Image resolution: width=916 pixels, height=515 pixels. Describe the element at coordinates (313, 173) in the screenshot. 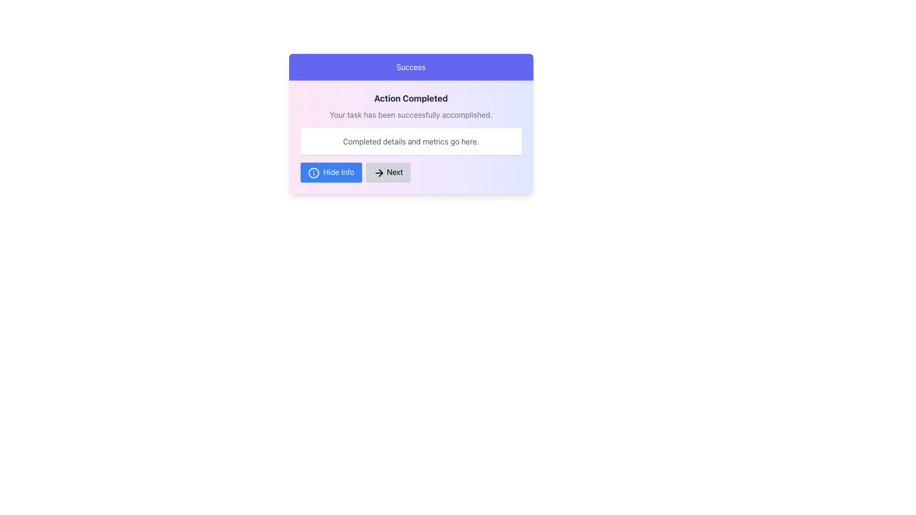

I see `the circular icon inside the 'Hide Info' button` at that location.